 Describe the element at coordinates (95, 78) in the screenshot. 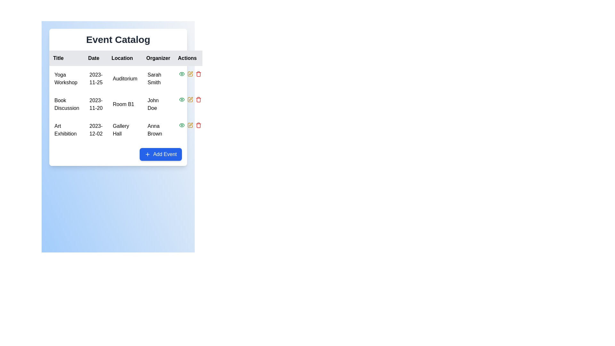

I see `content displayed in the Text Label showing the date '2023-11-25' in the second column of the first row of the table under the 'Date' column` at that location.